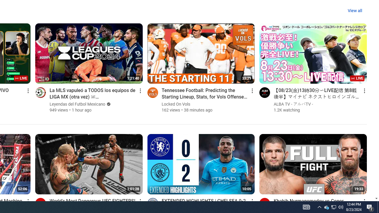 Image resolution: width=379 pixels, height=213 pixels. Describe the element at coordinates (77, 104) in the screenshot. I see `'Leyendas del Futbol Mexicano'` at that location.